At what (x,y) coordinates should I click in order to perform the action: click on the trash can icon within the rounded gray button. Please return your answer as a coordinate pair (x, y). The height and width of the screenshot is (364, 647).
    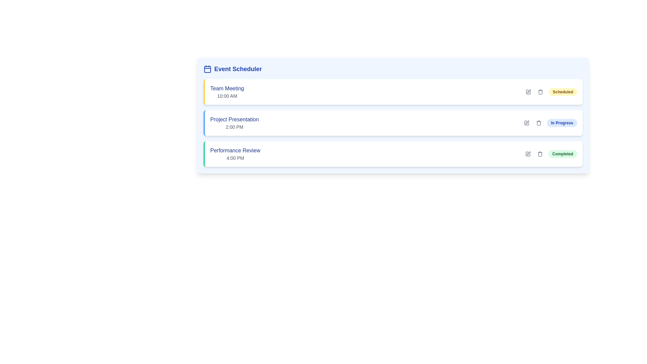
    Looking at the image, I should click on (538, 123).